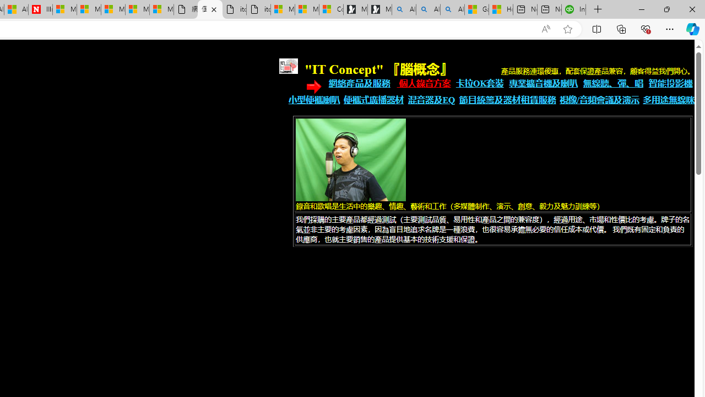  Describe the element at coordinates (452, 9) in the screenshot. I see `'Alabama high school quarterback dies - Search Videos'` at that location.